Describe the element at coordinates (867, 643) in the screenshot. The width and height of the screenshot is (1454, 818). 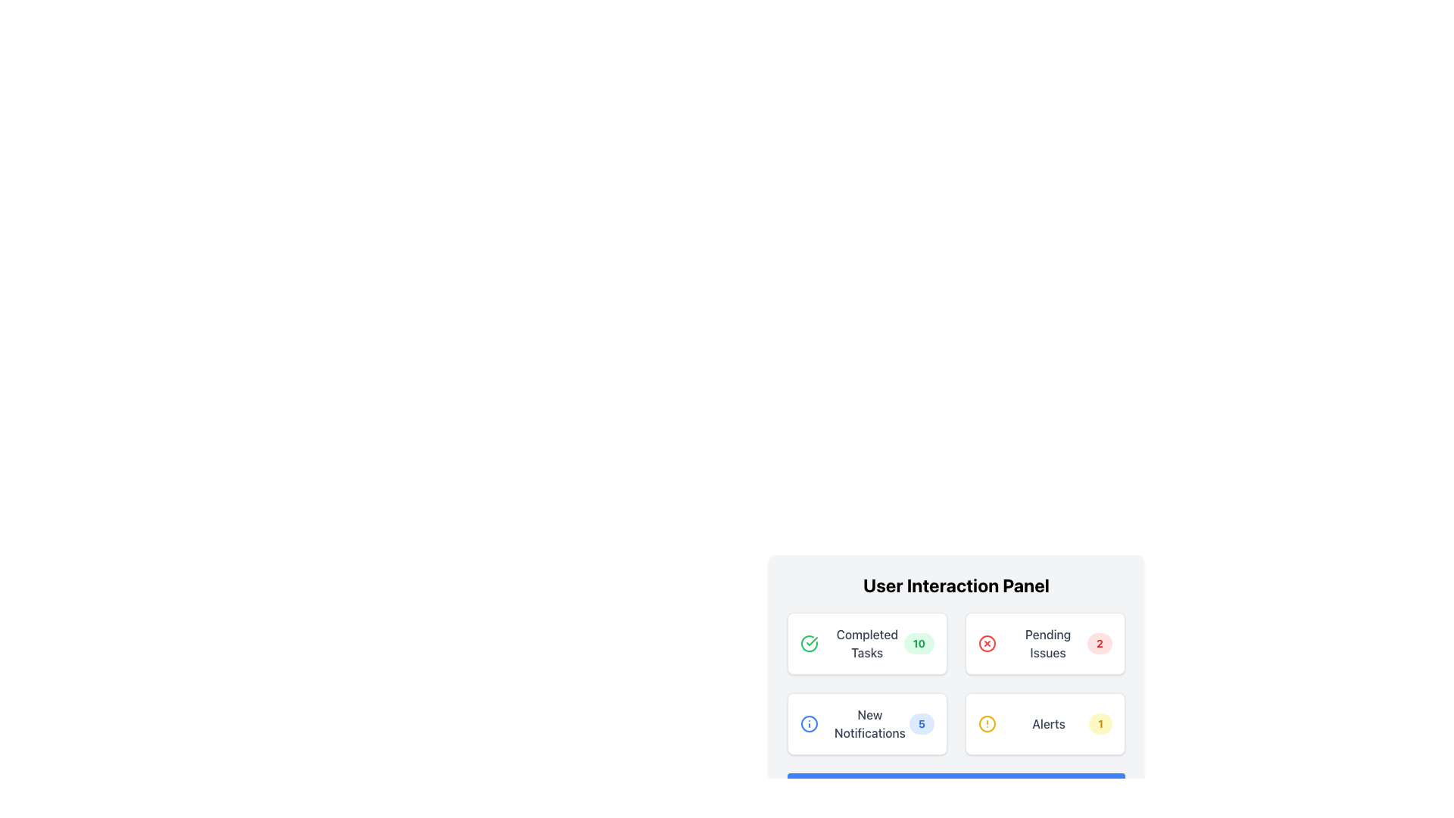
I see `the Informative card displaying completed tasks, located in the top left of the User Interaction Panel grid` at that location.